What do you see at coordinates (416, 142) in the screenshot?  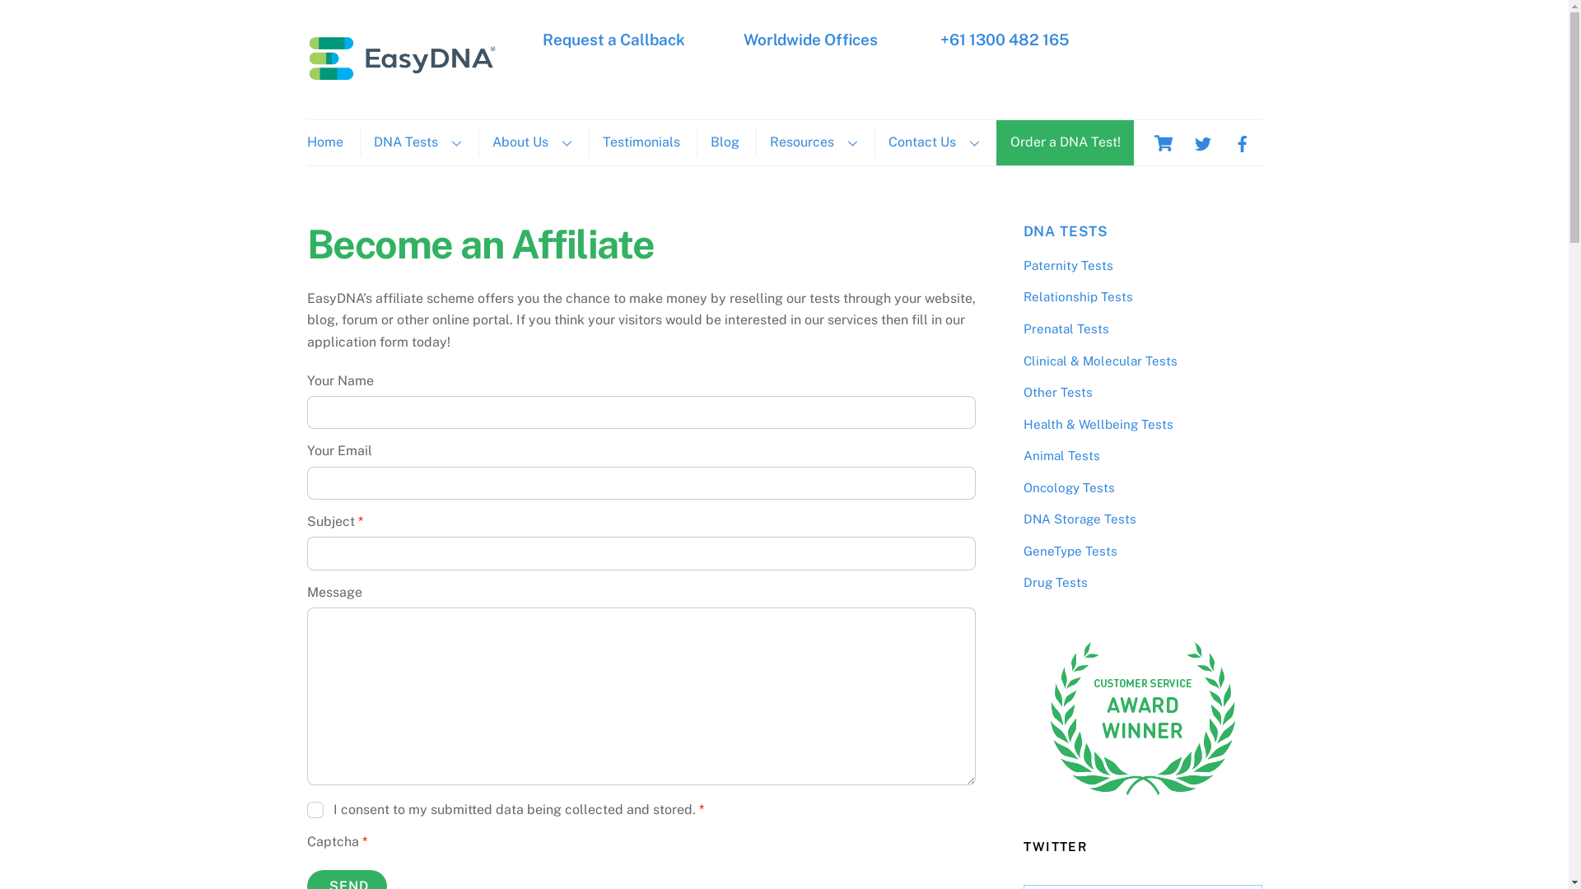 I see `'DNA Tests'` at bounding box center [416, 142].